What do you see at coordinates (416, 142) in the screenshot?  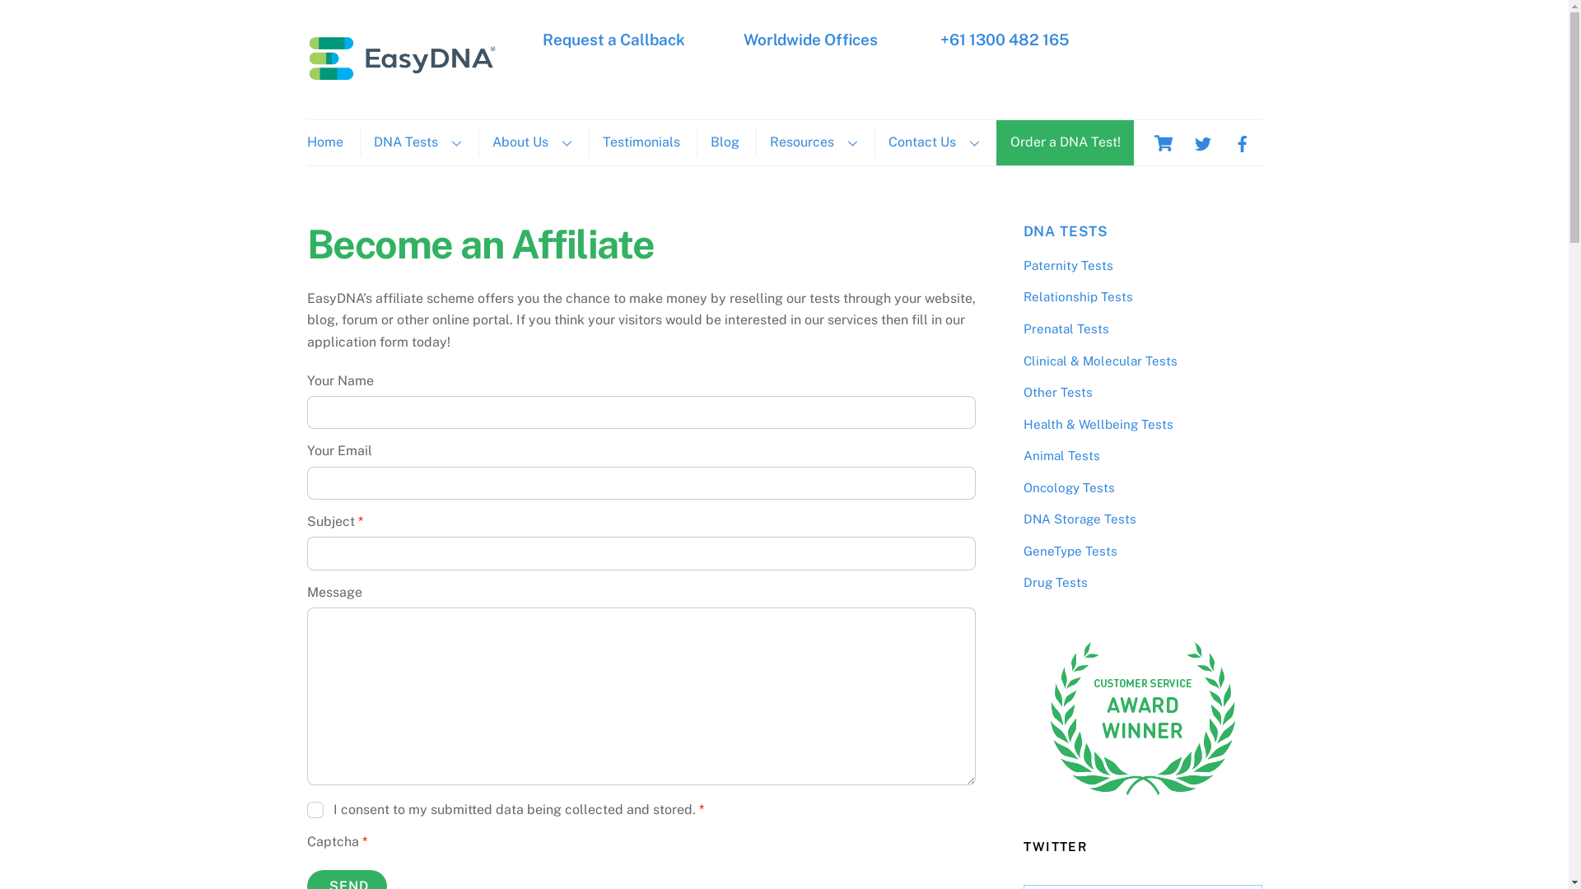 I see `'DNA Tests'` at bounding box center [416, 142].